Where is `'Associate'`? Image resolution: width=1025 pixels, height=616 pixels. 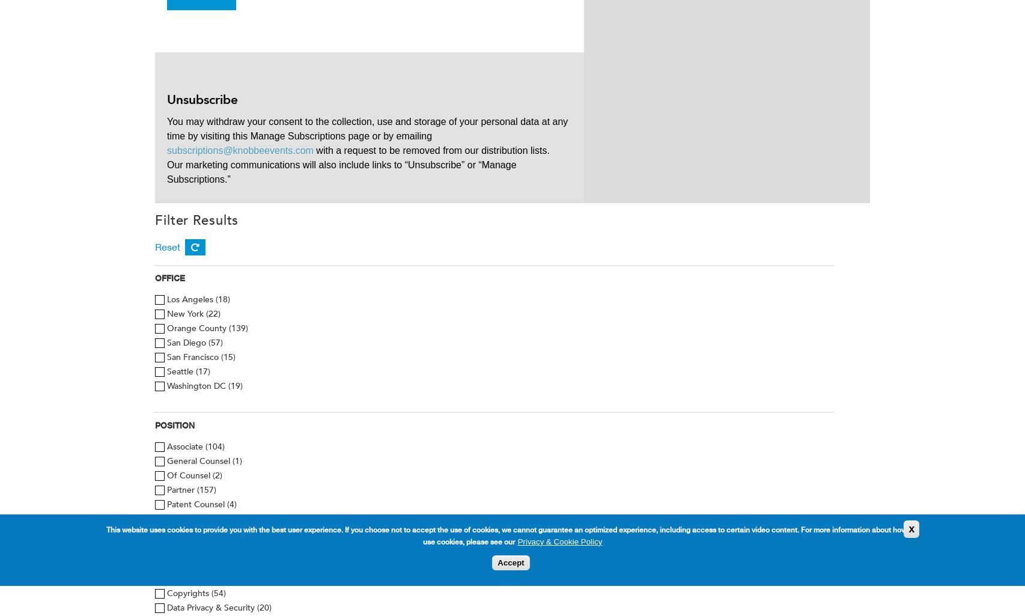
'Associate' is located at coordinates (167, 445).